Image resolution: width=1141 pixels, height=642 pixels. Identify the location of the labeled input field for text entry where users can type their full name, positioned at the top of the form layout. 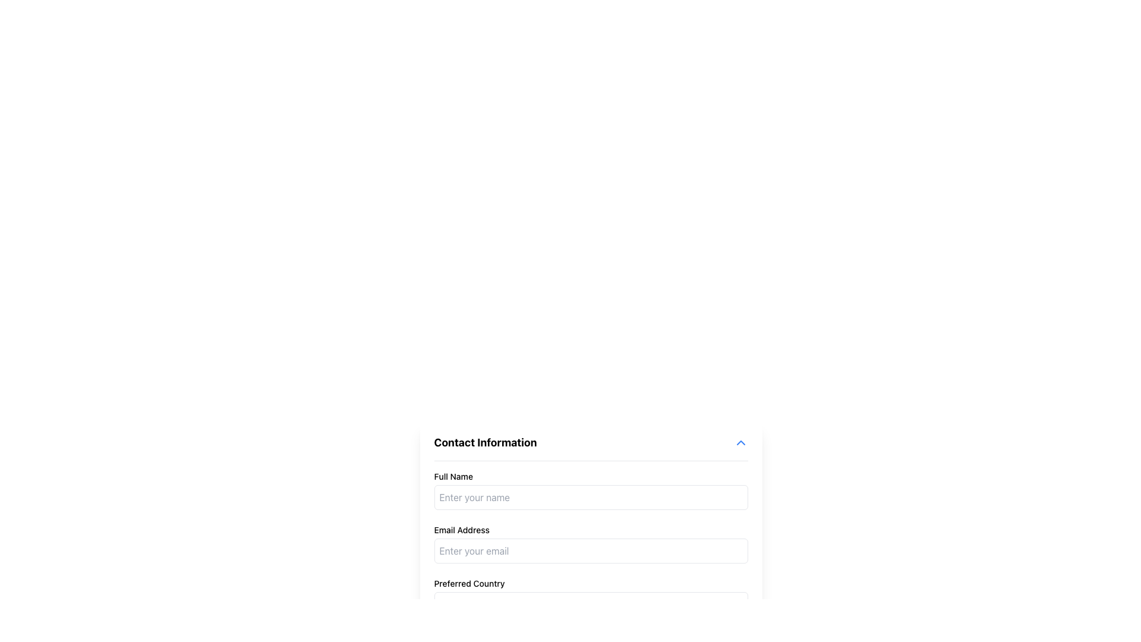
(591, 490).